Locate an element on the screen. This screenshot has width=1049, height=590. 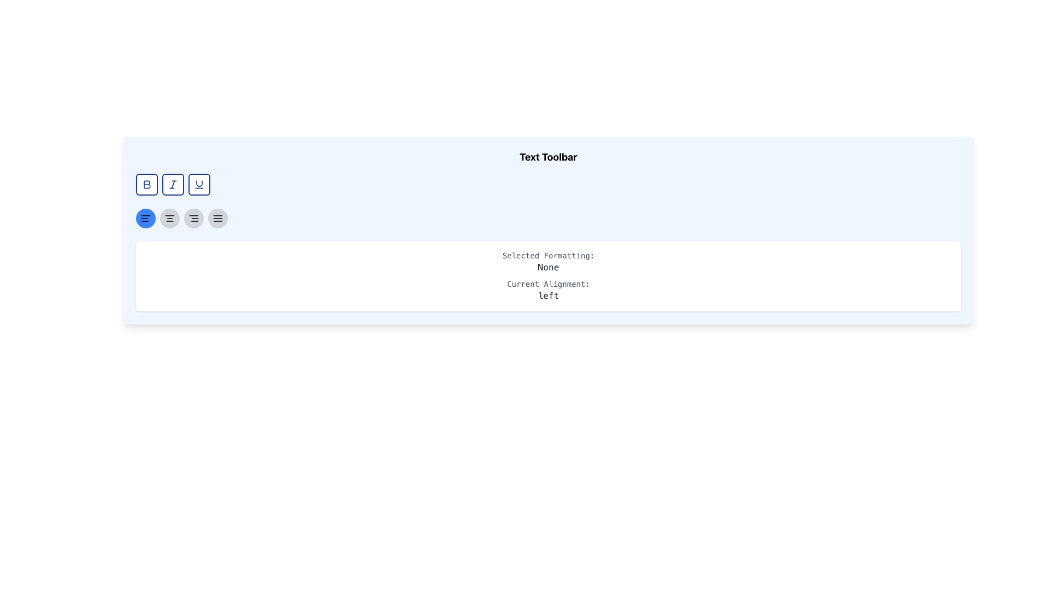
the italic formatting toggle button located in the text toolbar is located at coordinates (172, 184).